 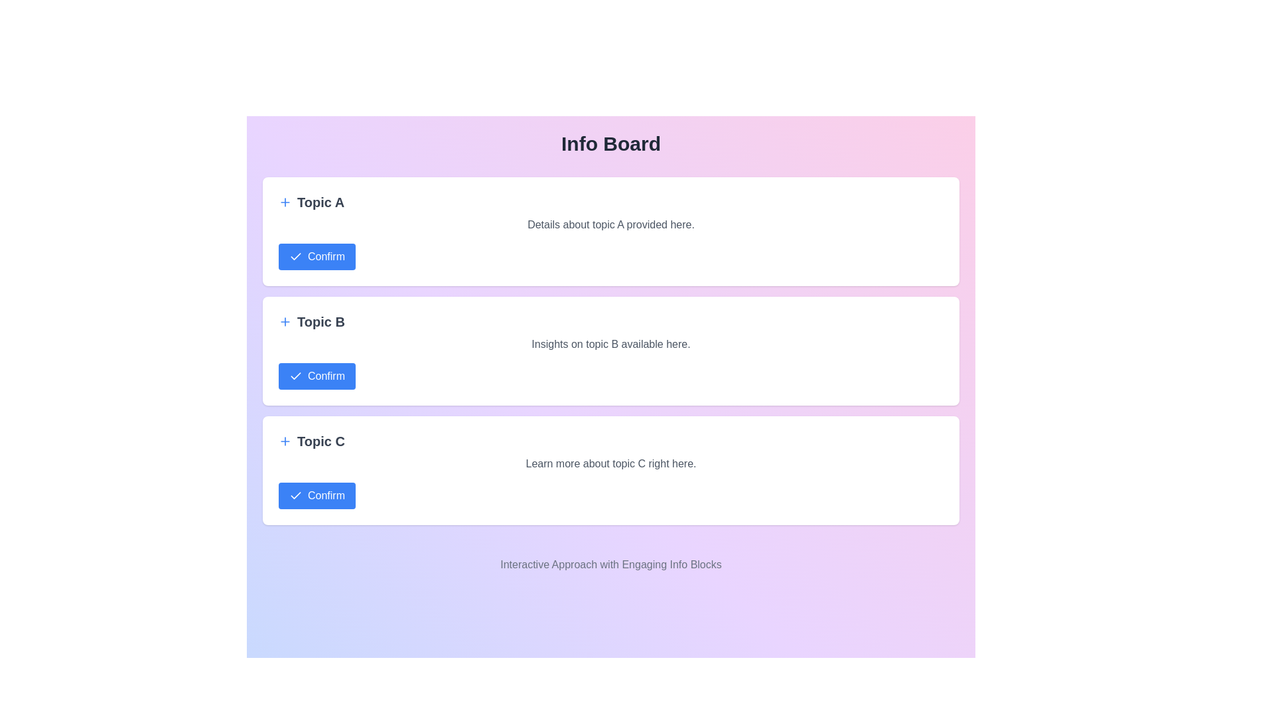 I want to click on the static text providing additional information about 'Topic C', located below the title and '+' icon, so click(x=610, y=463).